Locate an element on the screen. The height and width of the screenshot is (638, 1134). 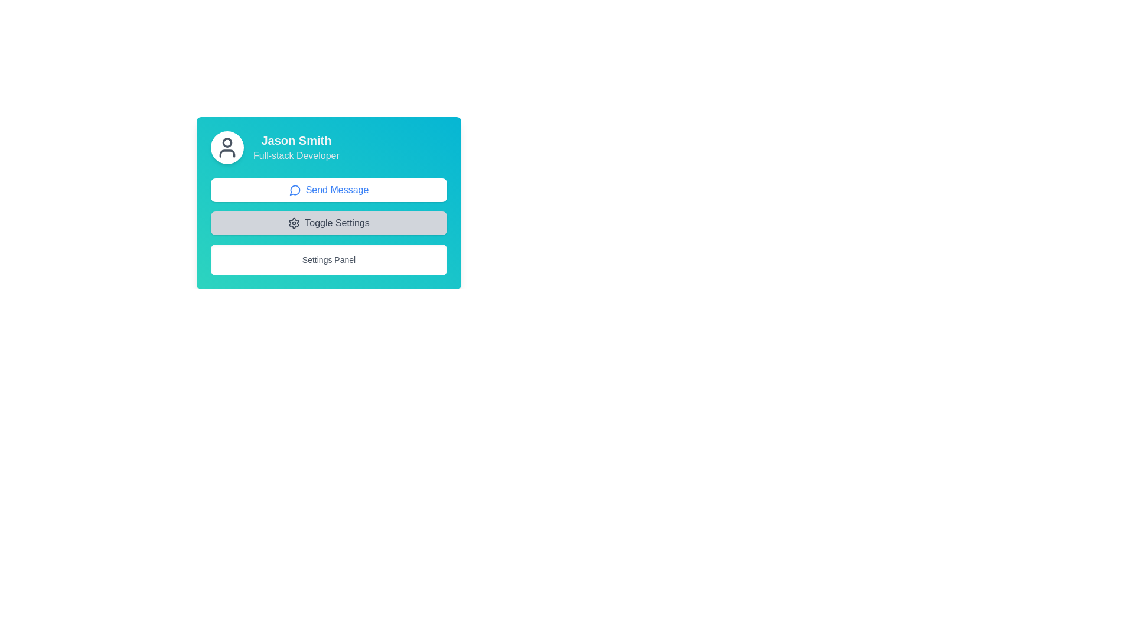
the cogwheel icon of the 'Toggle Settings' button is located at coordinates (294, 223).